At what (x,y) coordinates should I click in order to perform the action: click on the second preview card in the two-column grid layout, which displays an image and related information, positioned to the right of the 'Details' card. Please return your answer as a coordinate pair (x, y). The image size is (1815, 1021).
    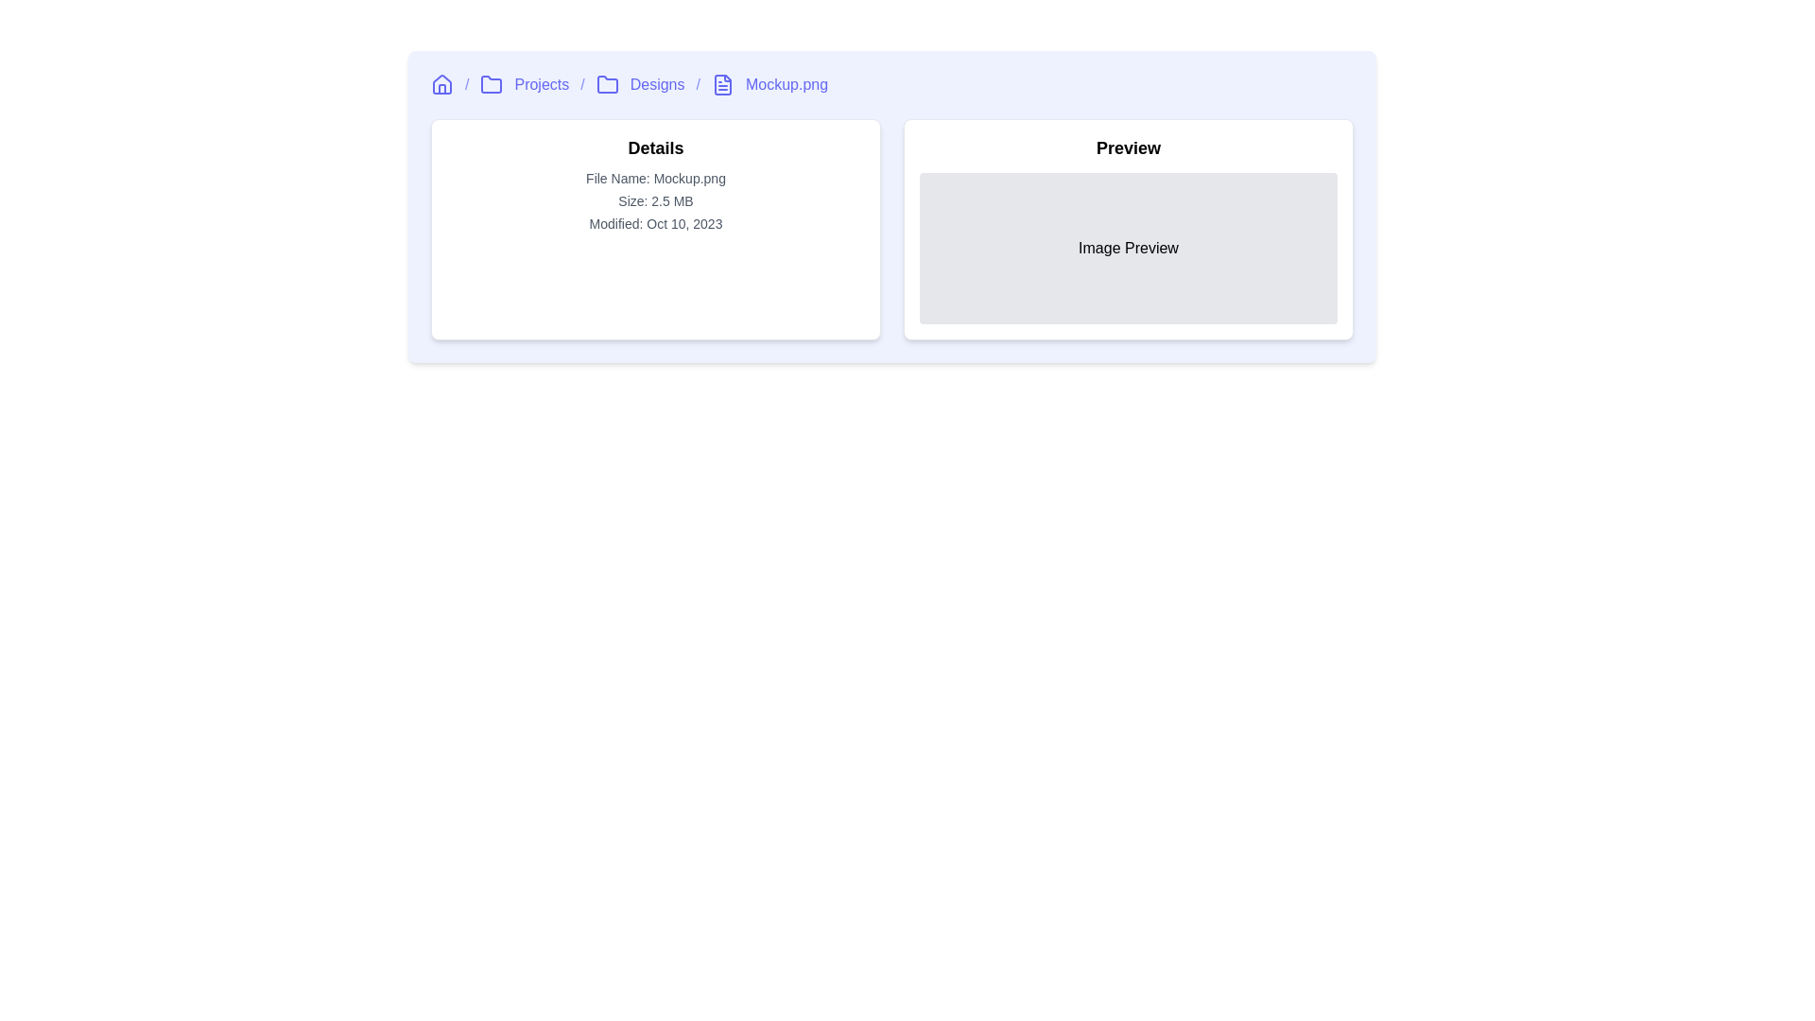
    Looking at the image, I should click on (1129, 229).